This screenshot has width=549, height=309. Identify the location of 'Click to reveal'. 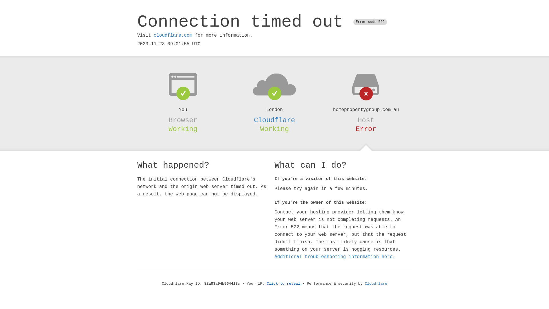
(283, 284).